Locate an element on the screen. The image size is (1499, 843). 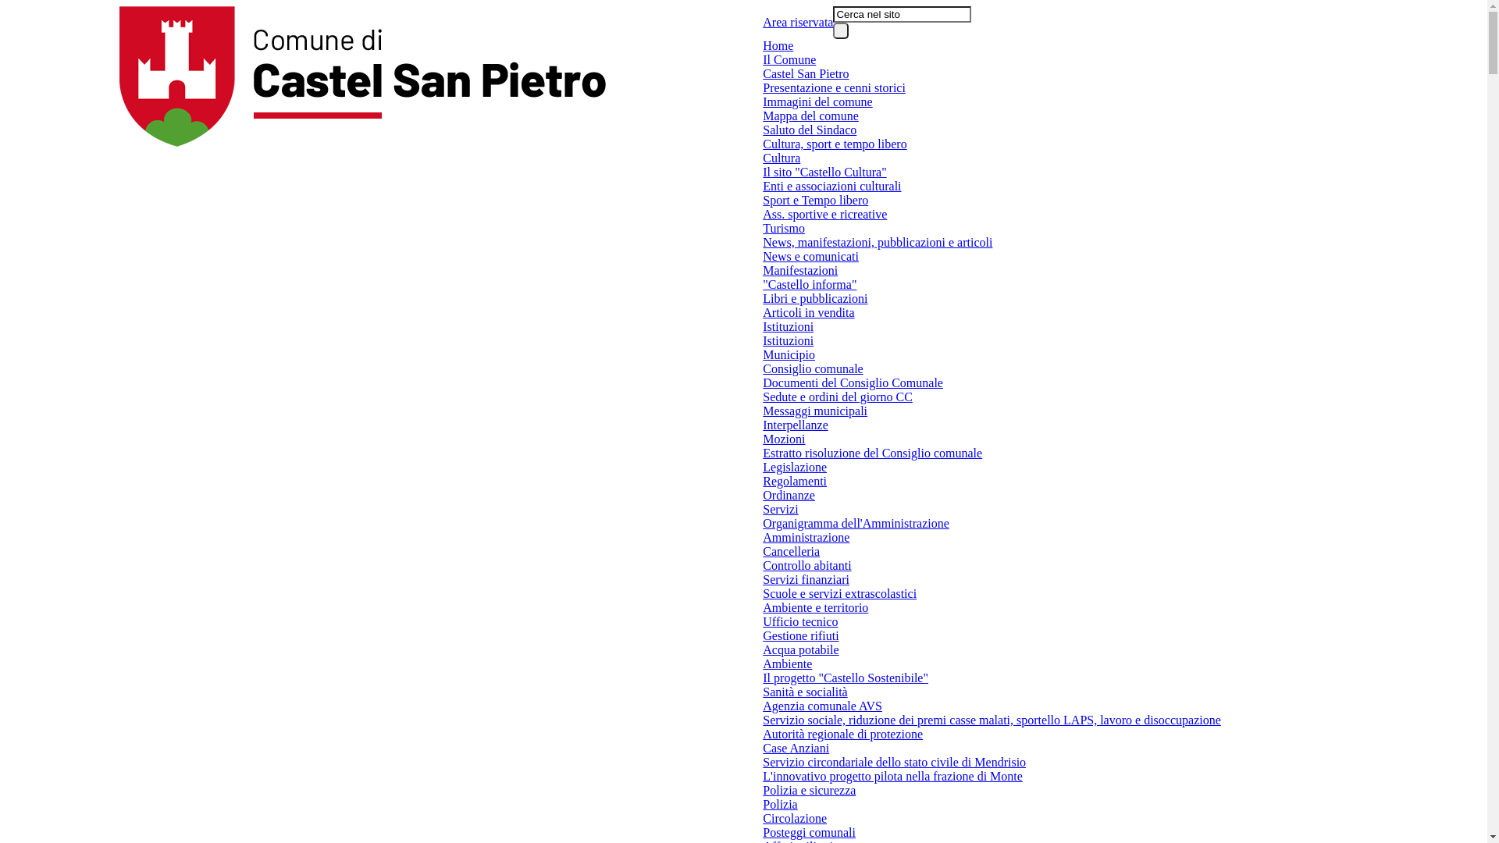
'Istituzioni' is located at coordinates (788, 326).